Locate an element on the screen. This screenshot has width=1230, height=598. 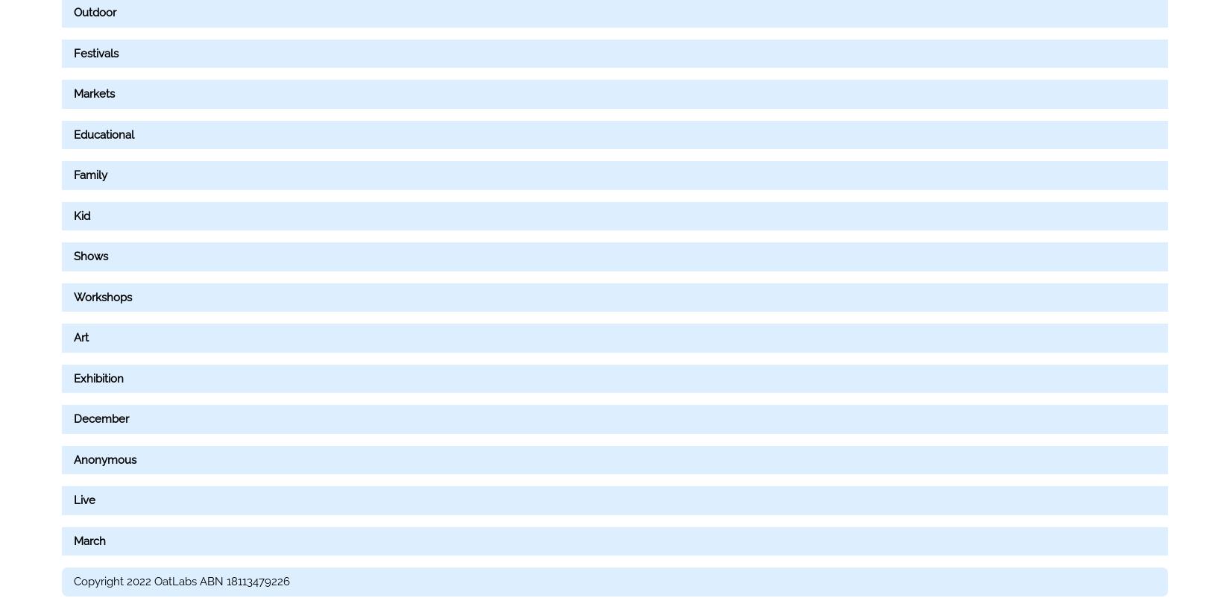
'Live' is located at coordinates (84, 500).